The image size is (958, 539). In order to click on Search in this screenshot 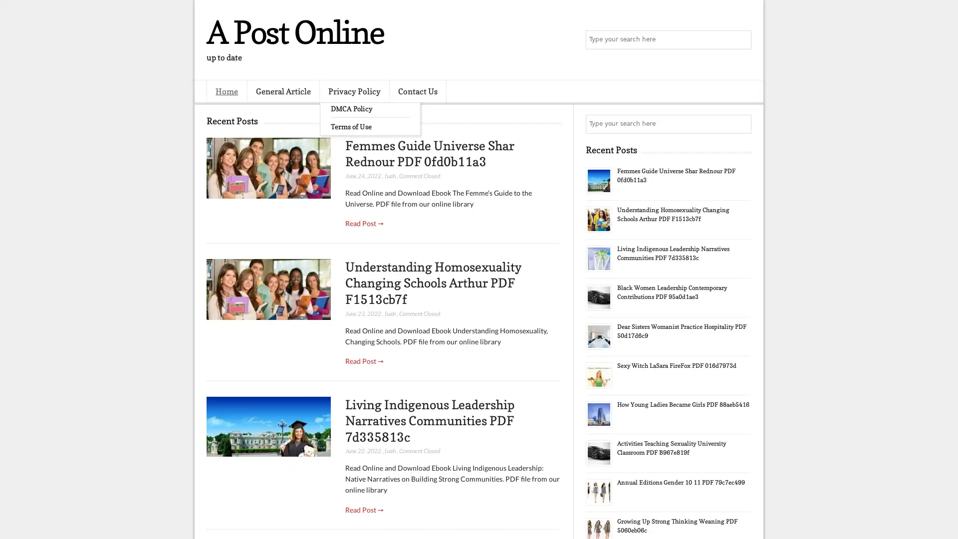, I will do `click(741, 124)`.